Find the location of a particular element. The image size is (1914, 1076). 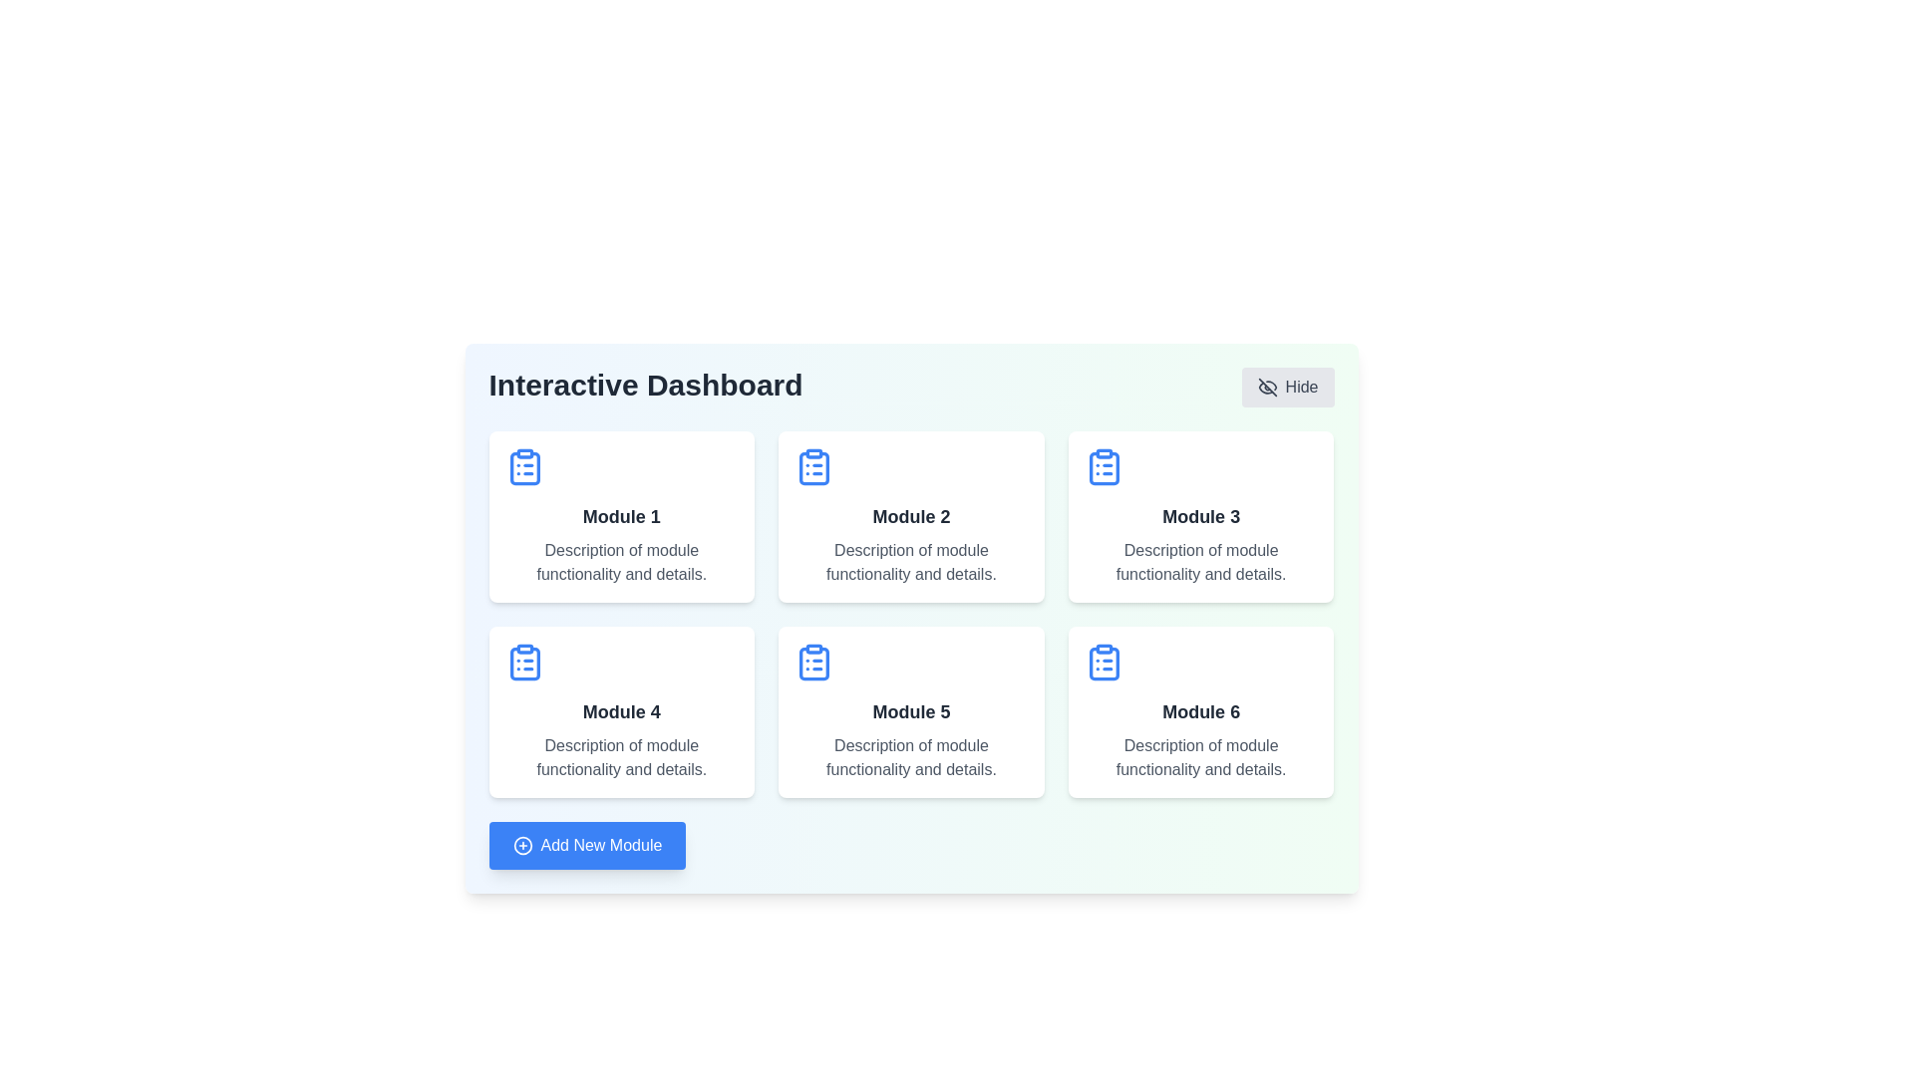

the rectangular button with rounded corners, blue background, white text 'Add New Module', and a plus icon is located at coordinates (586, 845).